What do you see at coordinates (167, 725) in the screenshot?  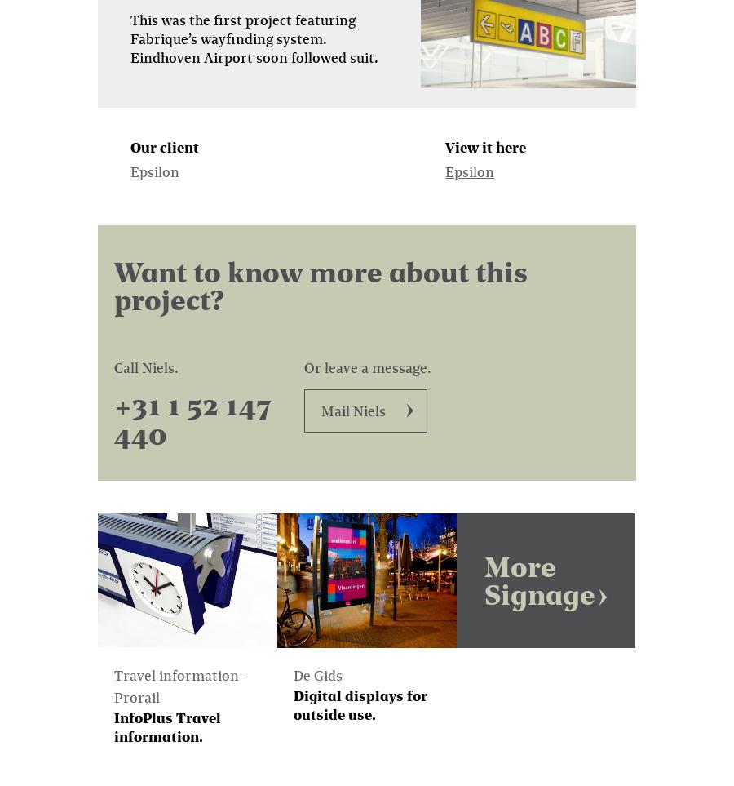 I see `'InfoPlus Travel information.'` at bounding box center [167, 725].